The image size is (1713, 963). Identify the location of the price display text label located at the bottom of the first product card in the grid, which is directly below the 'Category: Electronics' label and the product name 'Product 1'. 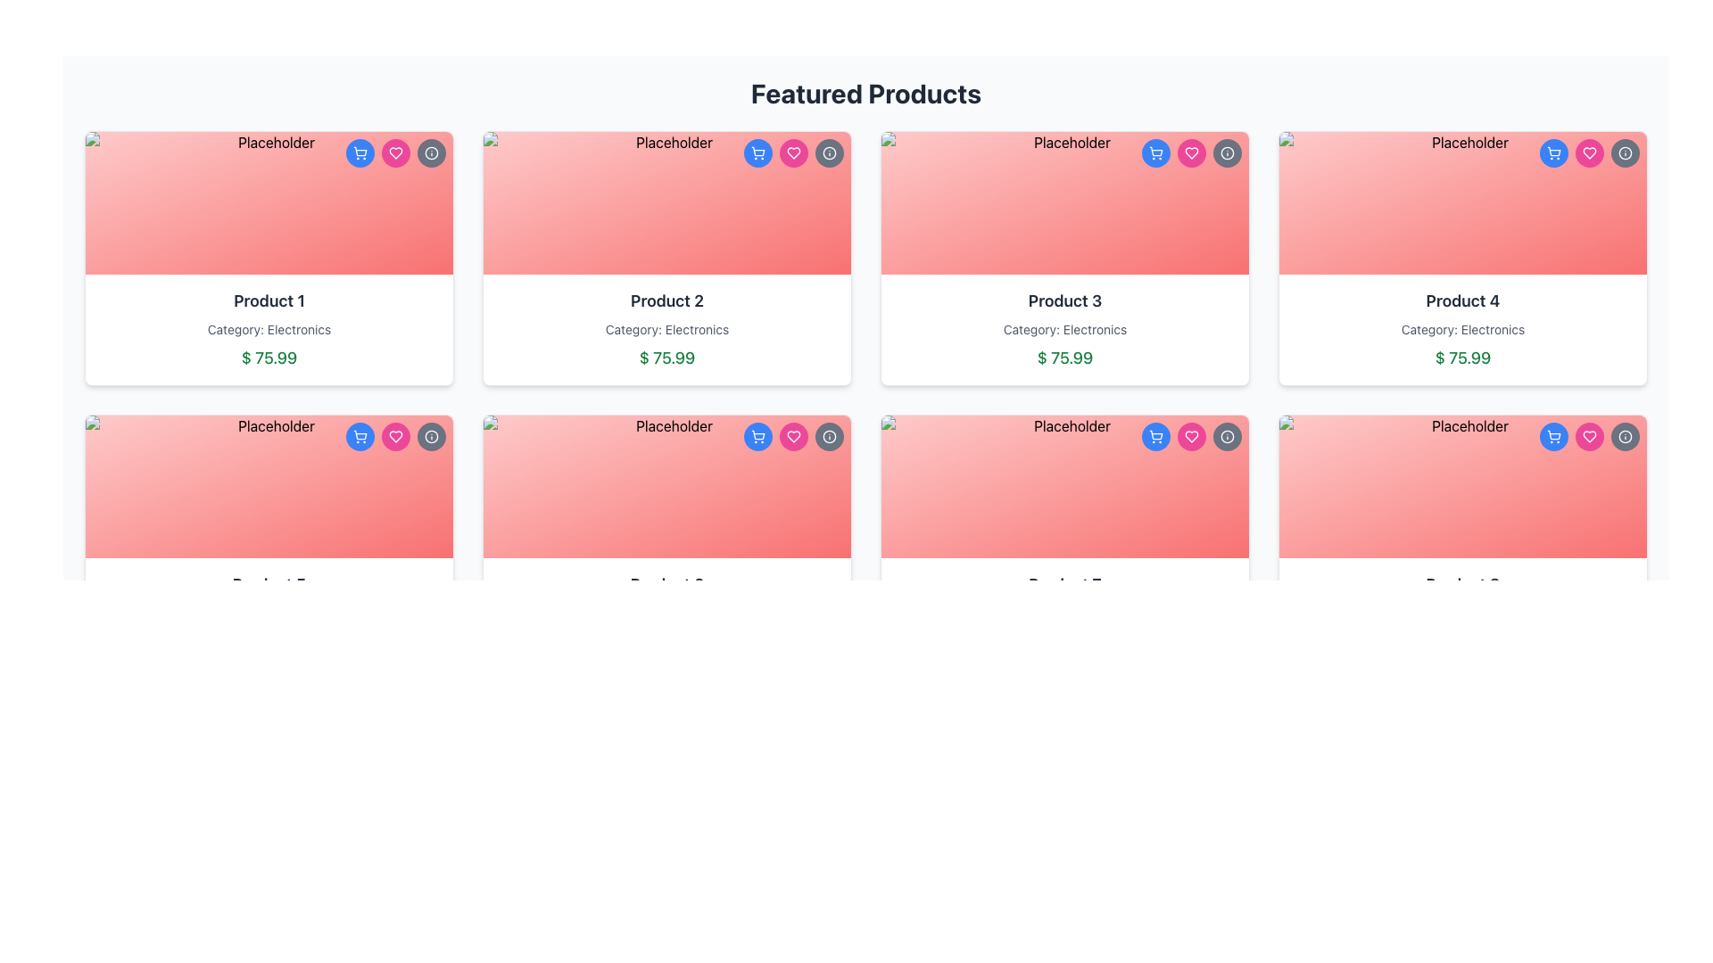
(269, 358).